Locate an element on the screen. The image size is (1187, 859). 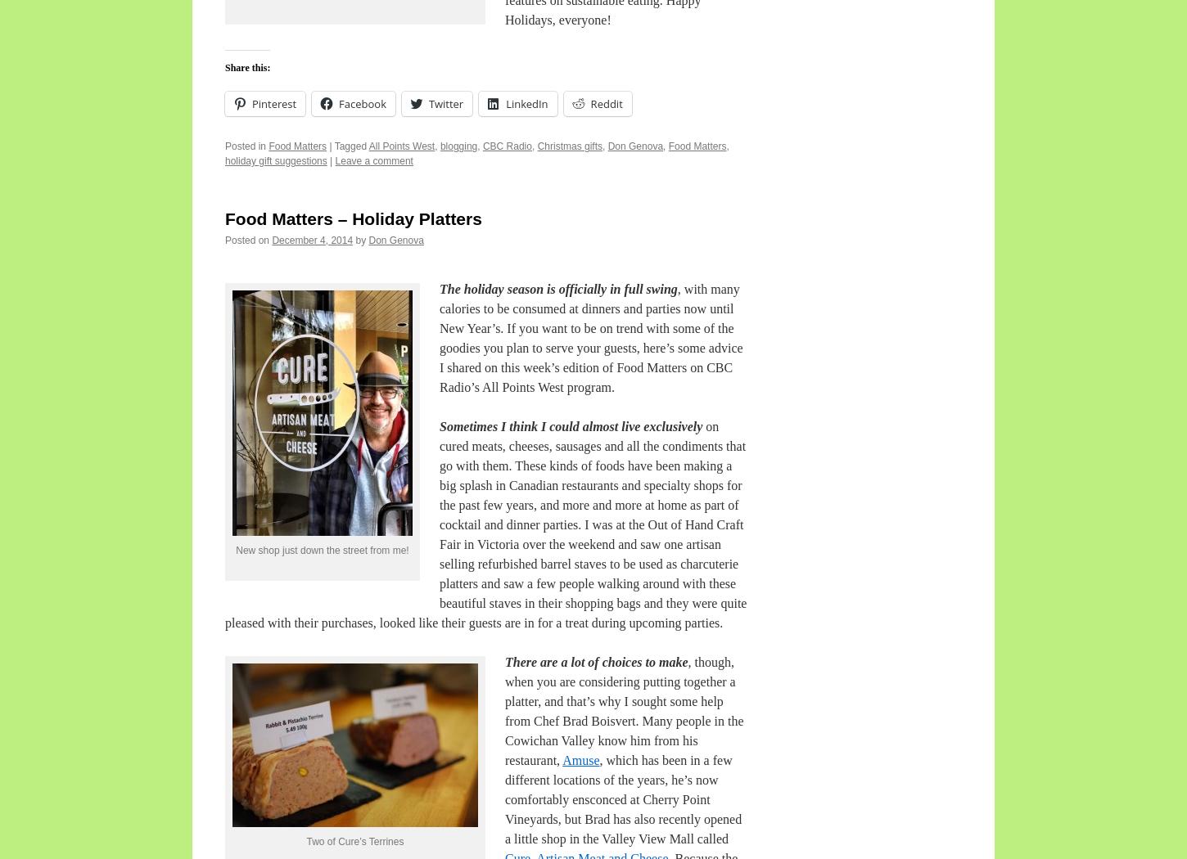
'blogging' is located at coordinates (458, 146).